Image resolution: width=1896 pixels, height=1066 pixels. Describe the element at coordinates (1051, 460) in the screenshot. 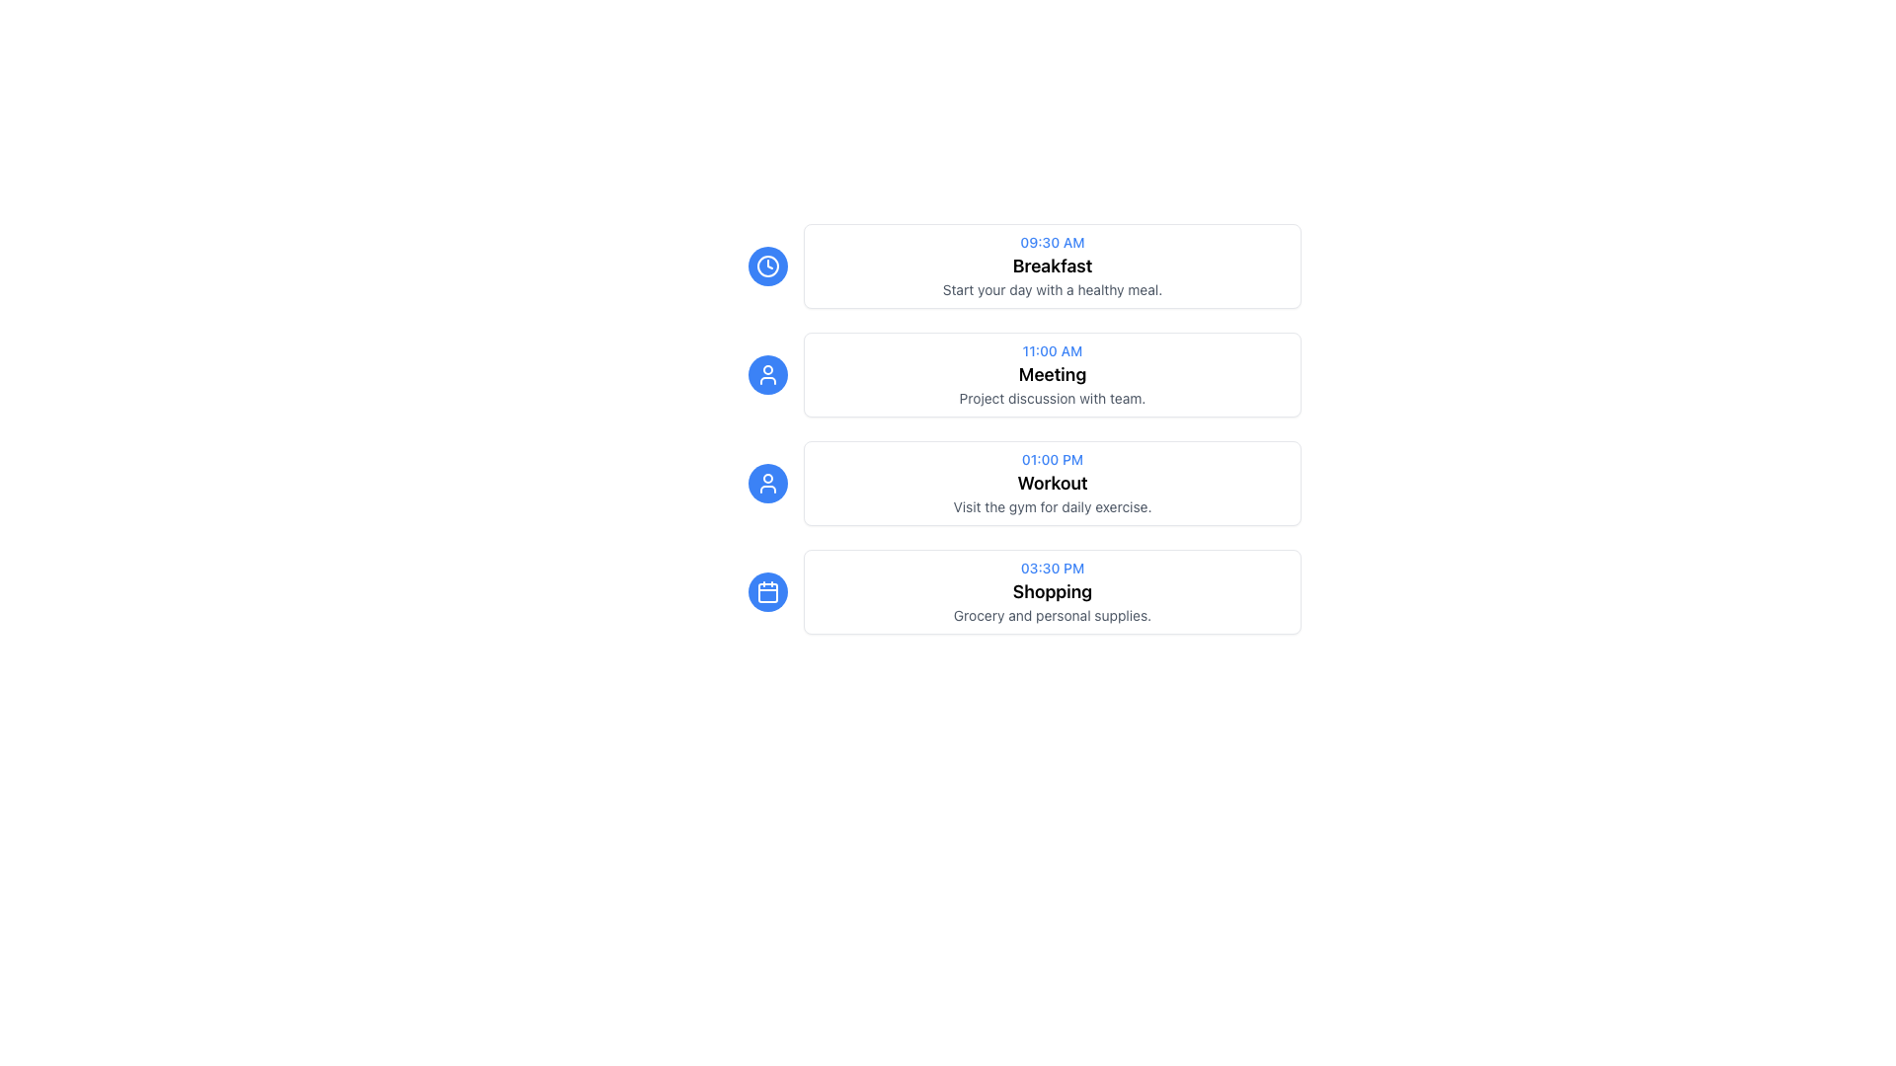

I see `the text element displaying '01:00 PM' in blue font, which is positioned at the top of the 'Workout' card` at that location.